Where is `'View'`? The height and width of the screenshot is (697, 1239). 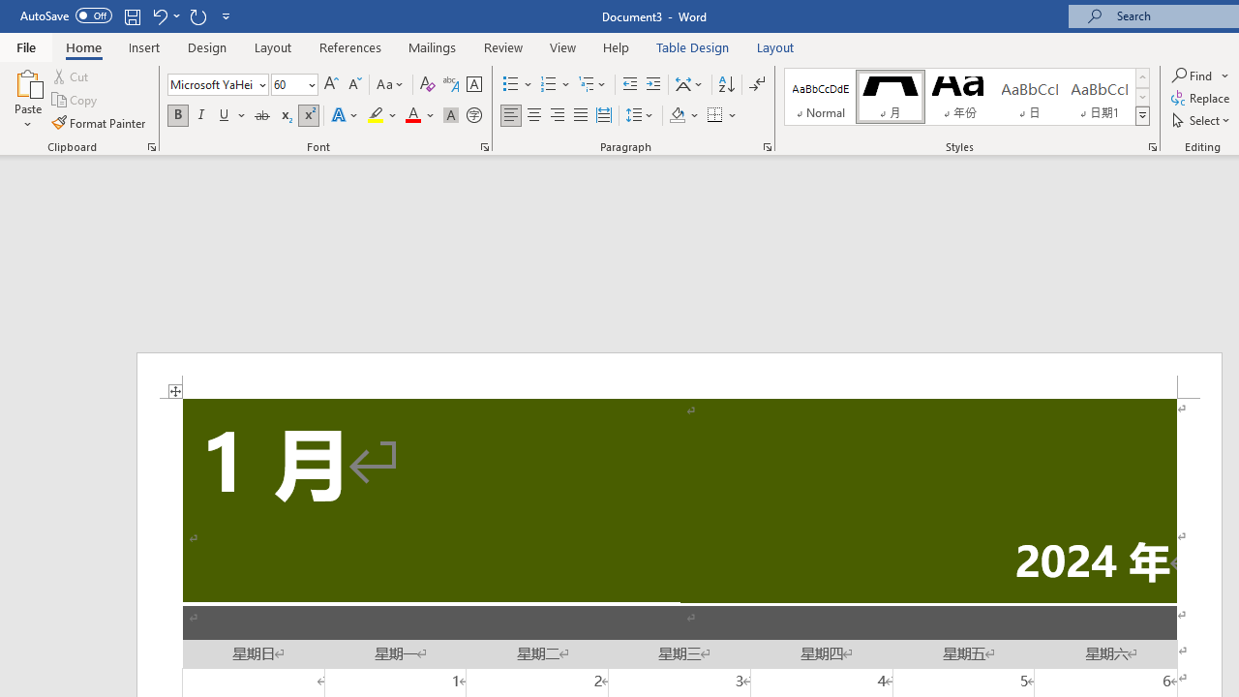
'View' is located at coordinates (562, 46).